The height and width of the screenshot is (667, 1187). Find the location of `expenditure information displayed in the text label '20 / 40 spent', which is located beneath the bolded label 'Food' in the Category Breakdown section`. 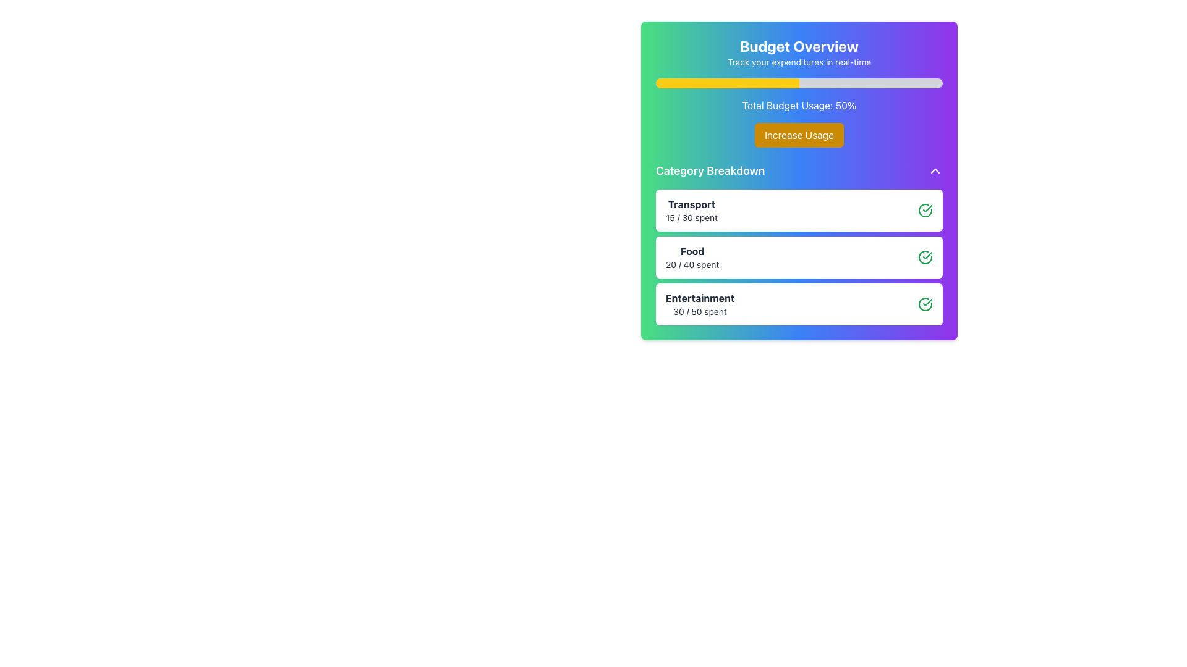

expenditure information displayed in the text label '20 / 40 spent', which is located beneath the bolded label 'Food' in the Category Breakdown section is located at coordinates (692, 264).